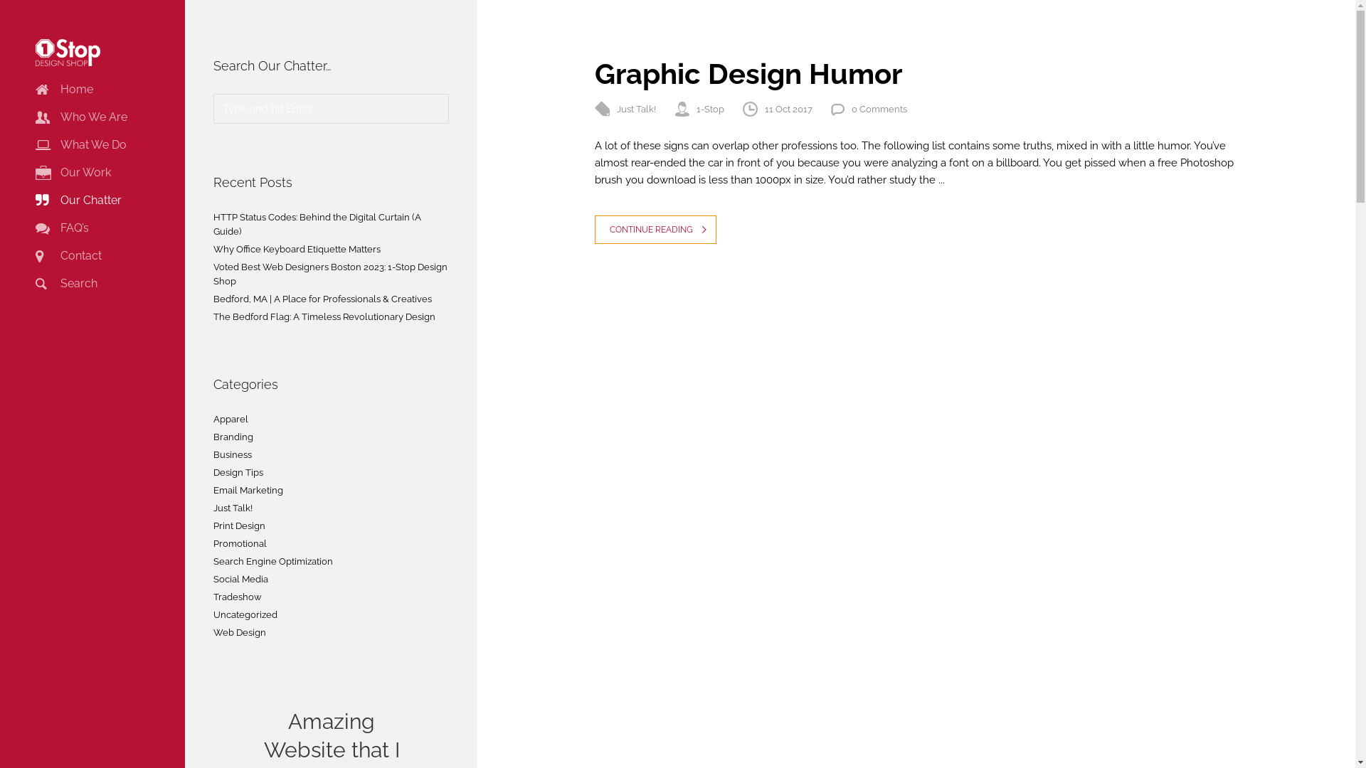 This screenshot has width=1366, height=768. I want to click on 'Branding', so click(233, 436).